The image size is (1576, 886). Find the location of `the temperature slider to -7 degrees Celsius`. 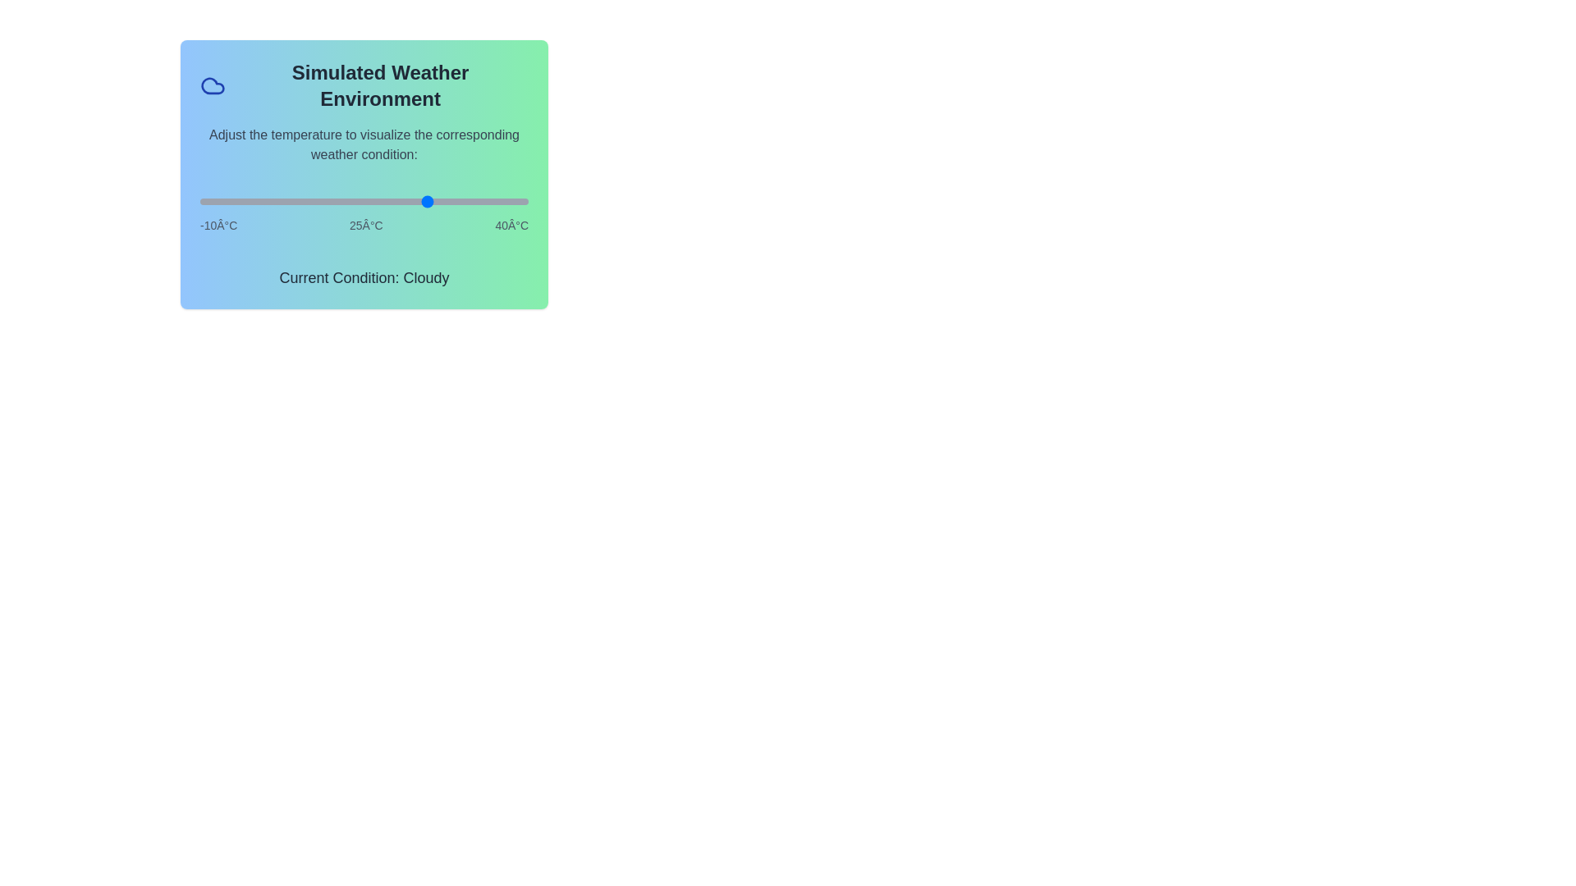

the temperature slider to -7 degrees Celsius is located at coordinates (219, 201).